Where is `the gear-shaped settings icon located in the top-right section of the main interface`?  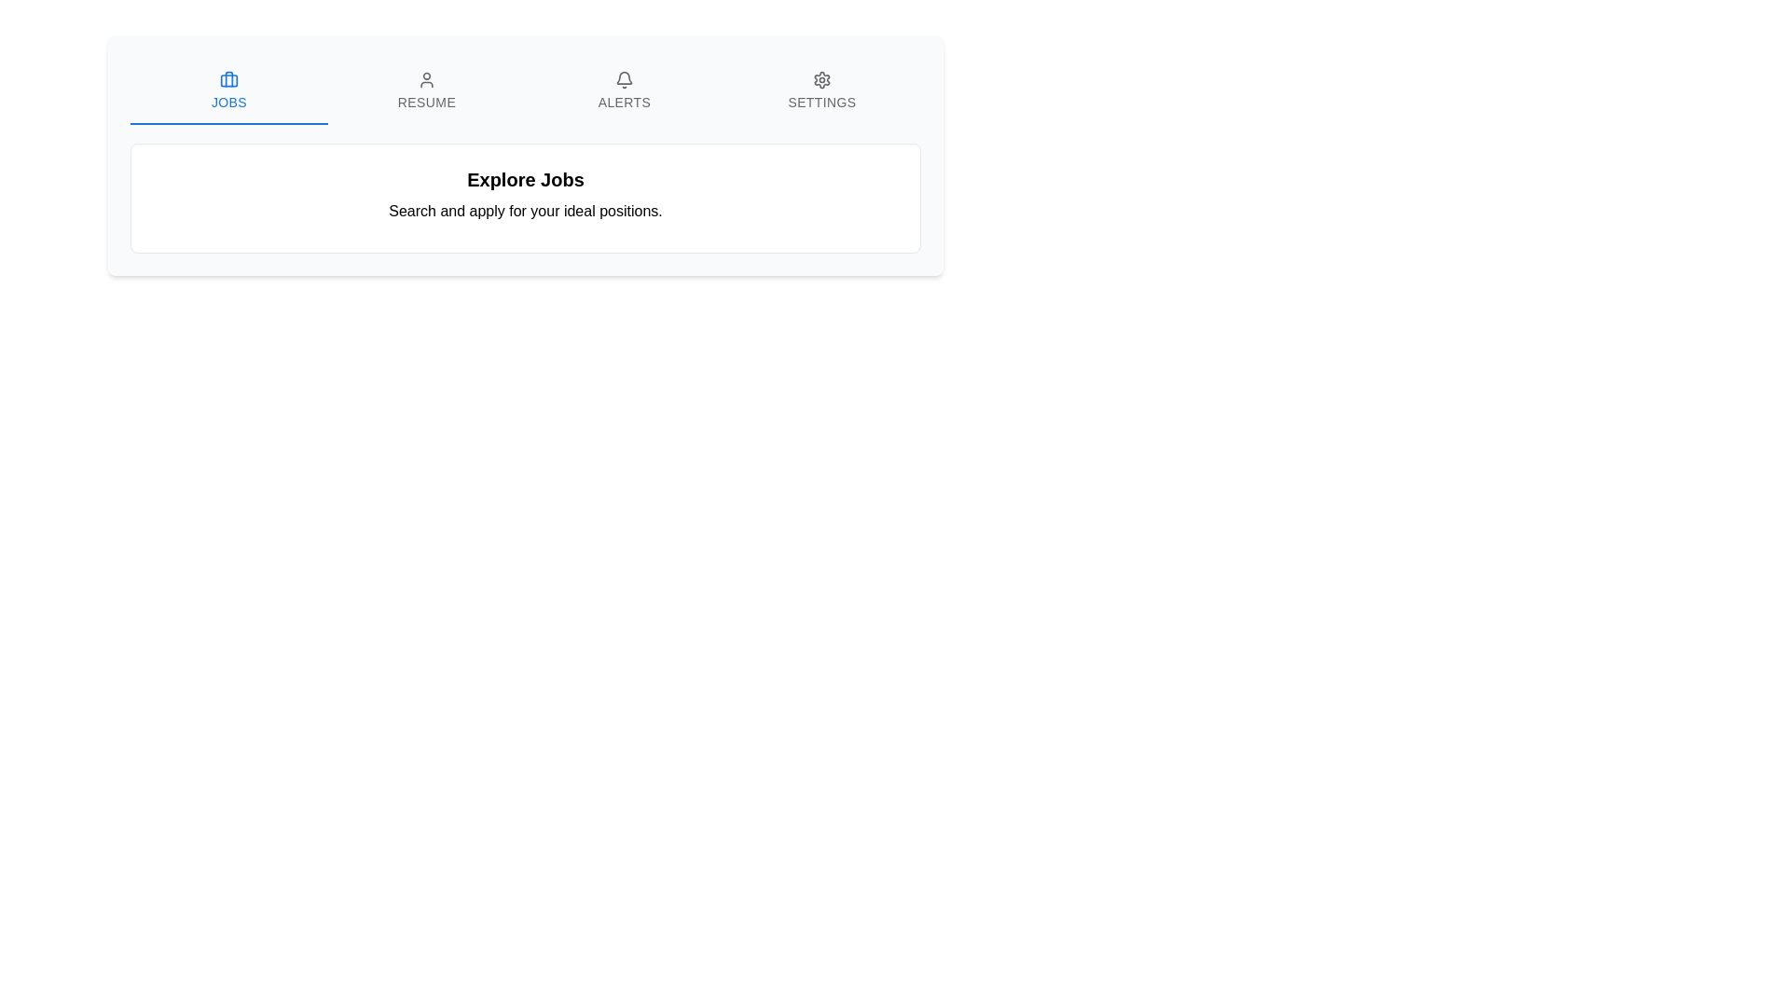
the gear-shaped settings icon located in the top-right section of the main interface is located at coordinates (821, 78).